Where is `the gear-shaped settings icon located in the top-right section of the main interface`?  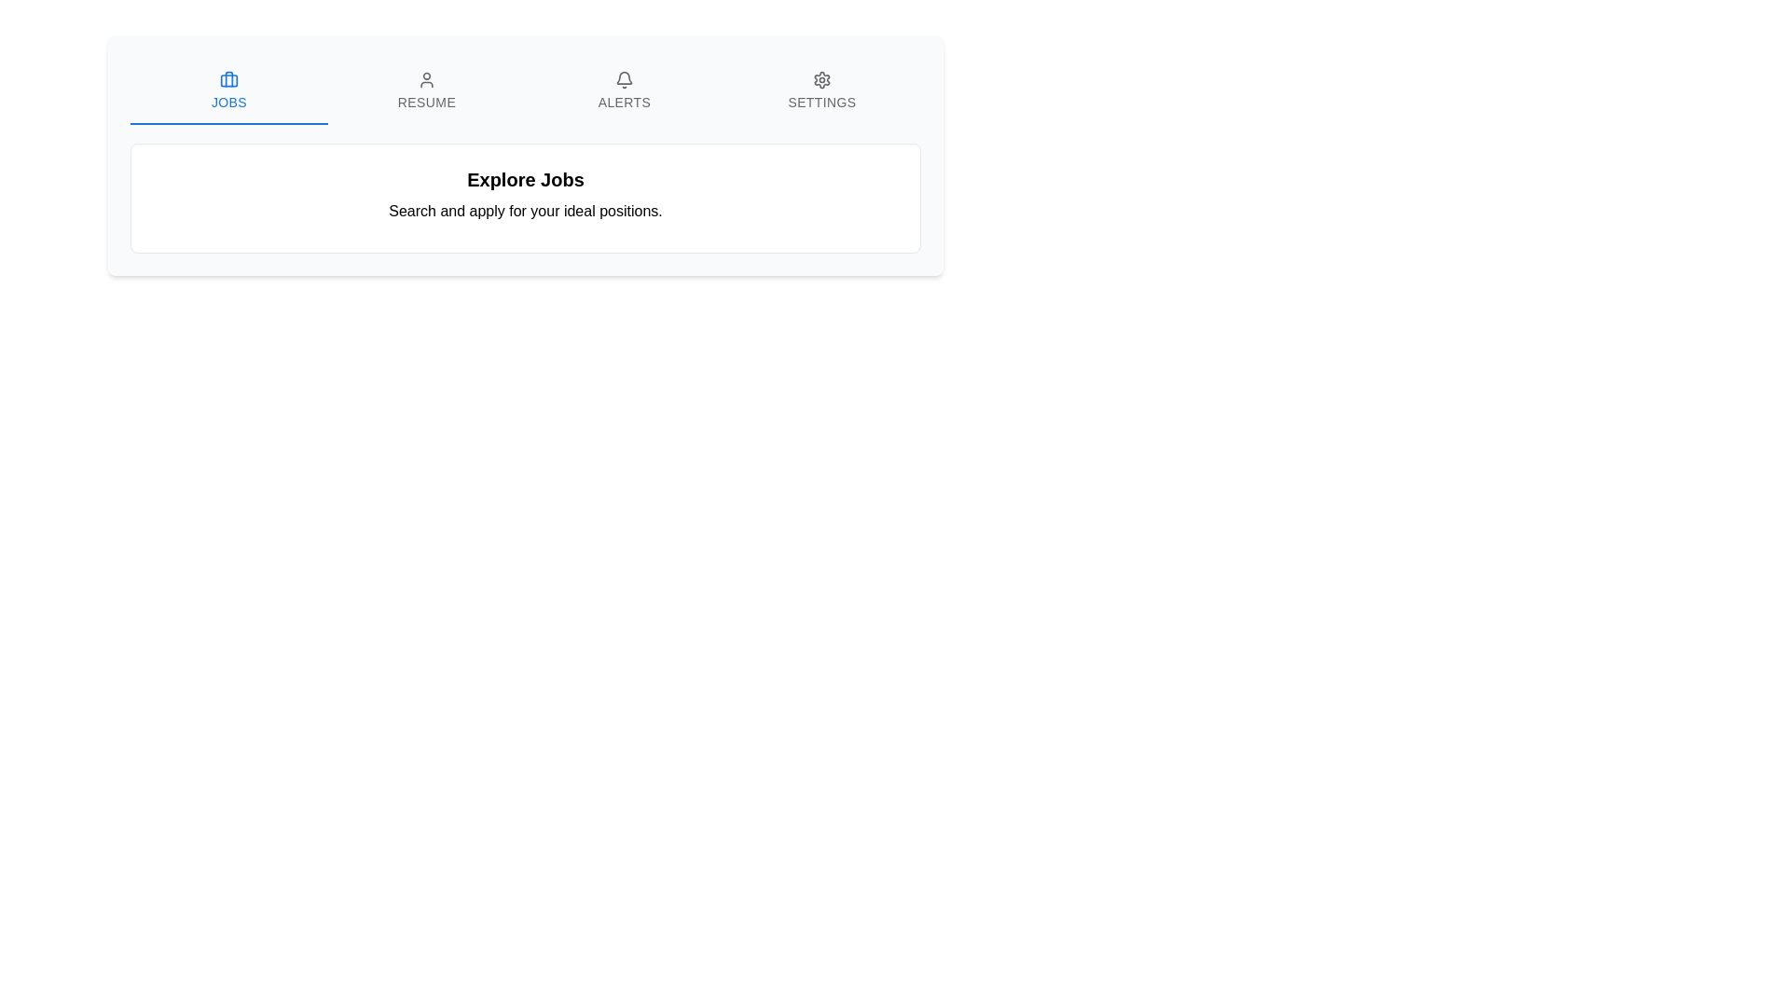
the gear-shaped settings icon located in the top-right section of the main interface is located at coordinates (821, 78).